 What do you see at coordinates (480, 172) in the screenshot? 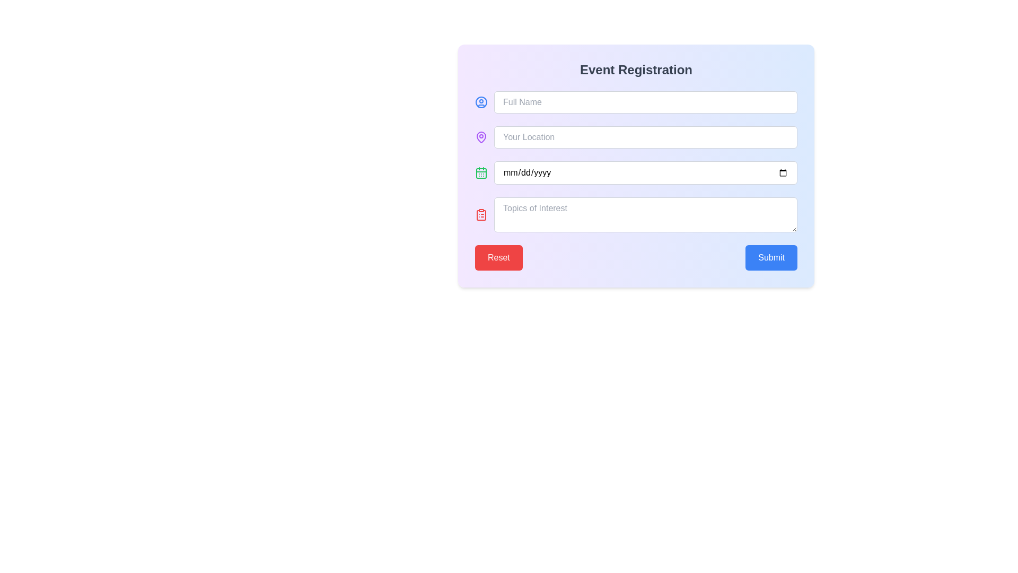
I see `the SVG-based icon located to the immediate left of the date input field labeled 'mm/dd/yyyy' in the 'Event Registration' form to read the tooltip` at bounding box center [480, 172].